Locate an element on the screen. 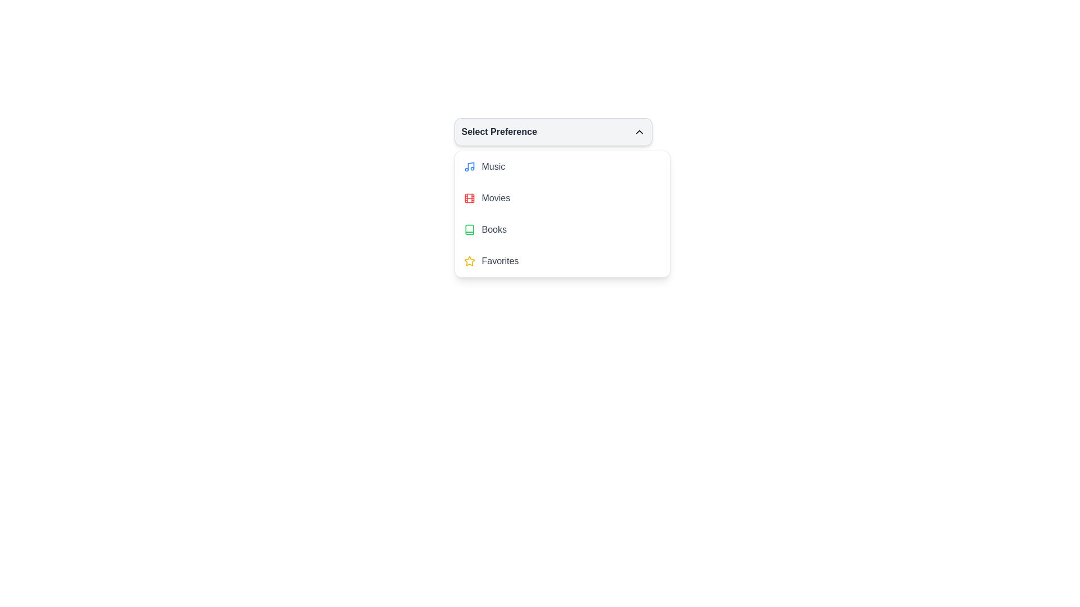  the star-shaped icon indicating a marked or favorite state, located near the top of the dropdown below the 'Select Preference' label is located at coordinates (469, 261).